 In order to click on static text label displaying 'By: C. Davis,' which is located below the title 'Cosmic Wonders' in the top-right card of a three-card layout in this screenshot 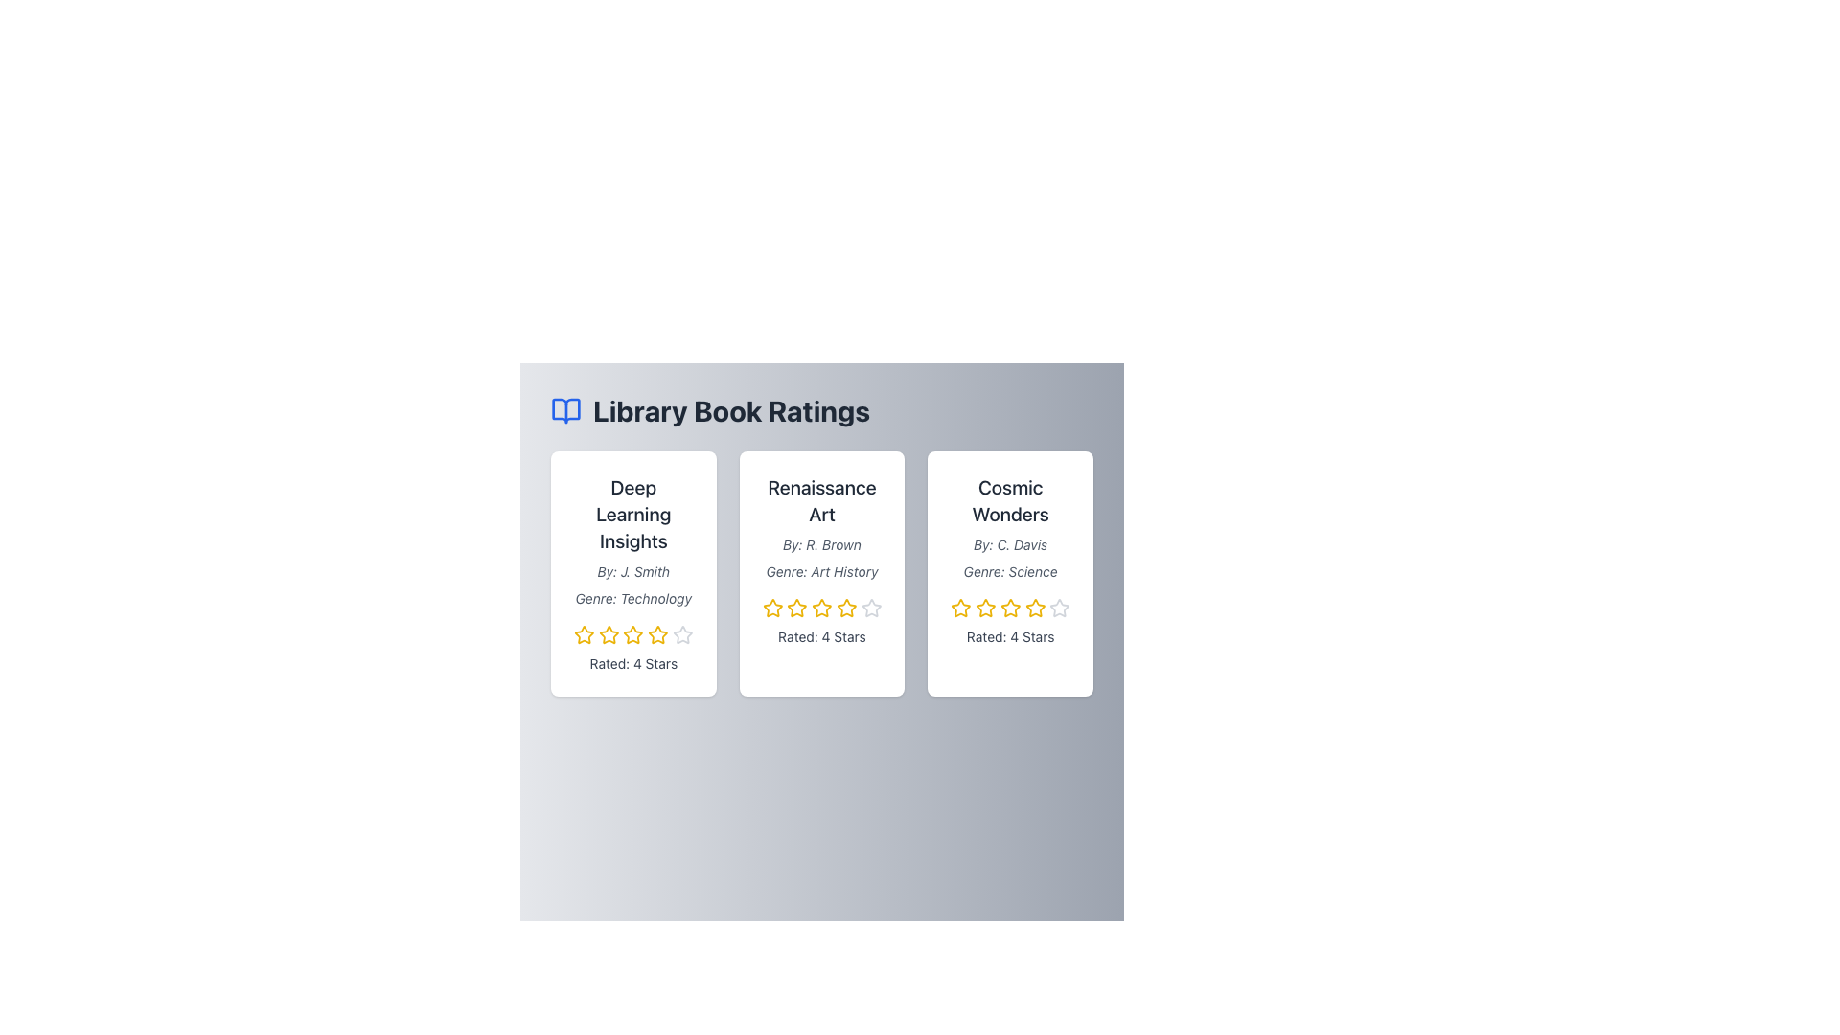, I will do `click(1009, 545)`.